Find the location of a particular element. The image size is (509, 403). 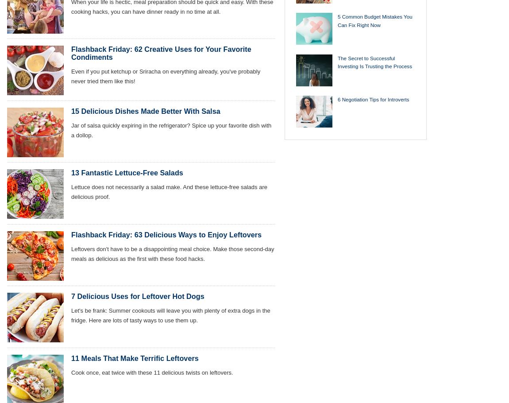

'Cook once, eat twice with these 11 delicious twists on leftovers.' is located at coordinates (152, 372).